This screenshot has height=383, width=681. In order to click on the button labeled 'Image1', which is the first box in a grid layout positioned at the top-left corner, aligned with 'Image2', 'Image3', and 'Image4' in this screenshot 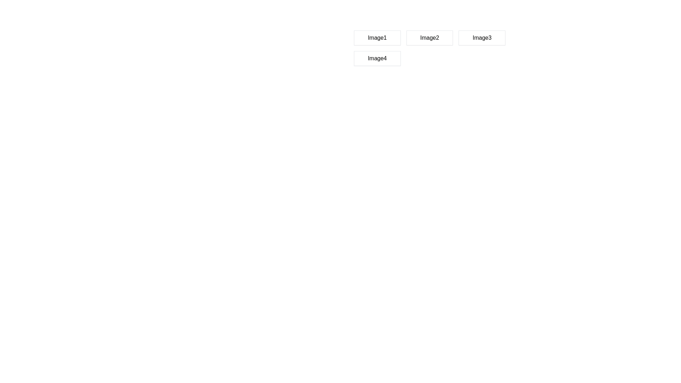, I will do `click(377, 38)`.